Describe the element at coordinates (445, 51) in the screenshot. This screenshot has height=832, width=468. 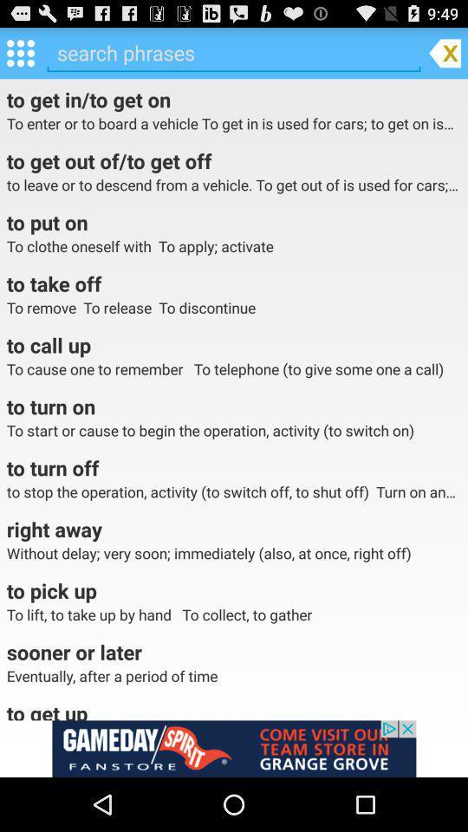
I see `the file` at that location.